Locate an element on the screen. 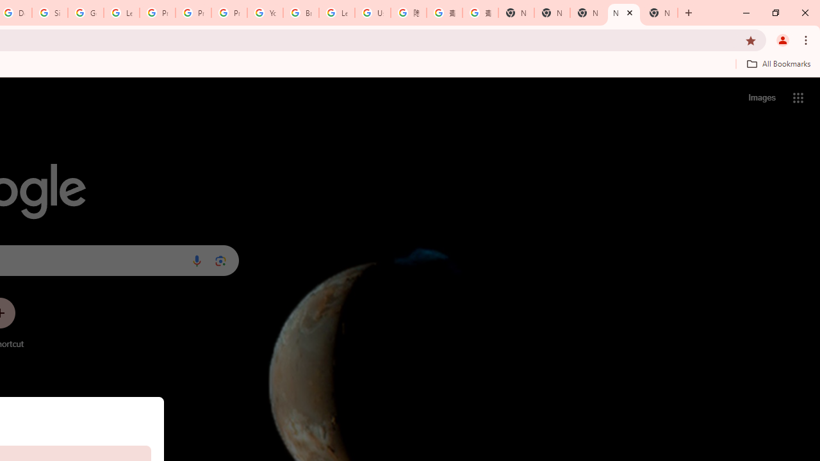 This screenshot has height=461, width=820. 'Privacy Help Center - Policies Help' is located at coordinates (156, 13).